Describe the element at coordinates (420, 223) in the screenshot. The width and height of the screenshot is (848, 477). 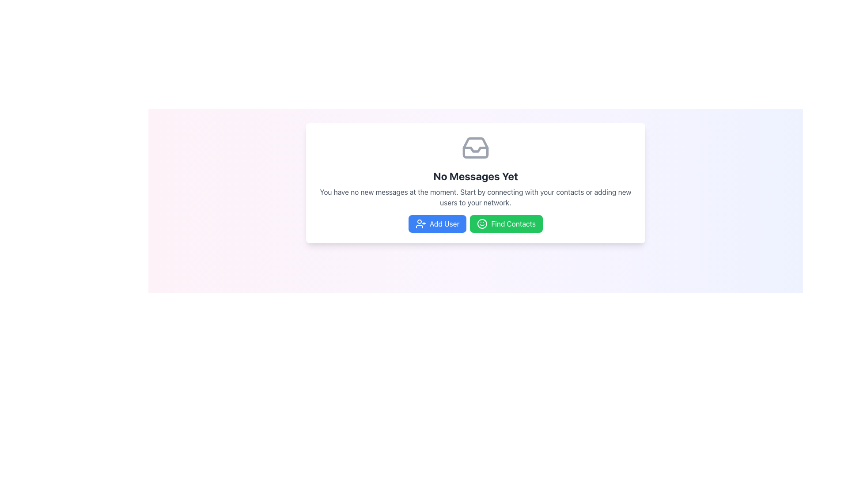
I see `the 'Add User' button which contains a vector graphic icon of a user figure with a plus sign to its right, located below the message box` at that location.